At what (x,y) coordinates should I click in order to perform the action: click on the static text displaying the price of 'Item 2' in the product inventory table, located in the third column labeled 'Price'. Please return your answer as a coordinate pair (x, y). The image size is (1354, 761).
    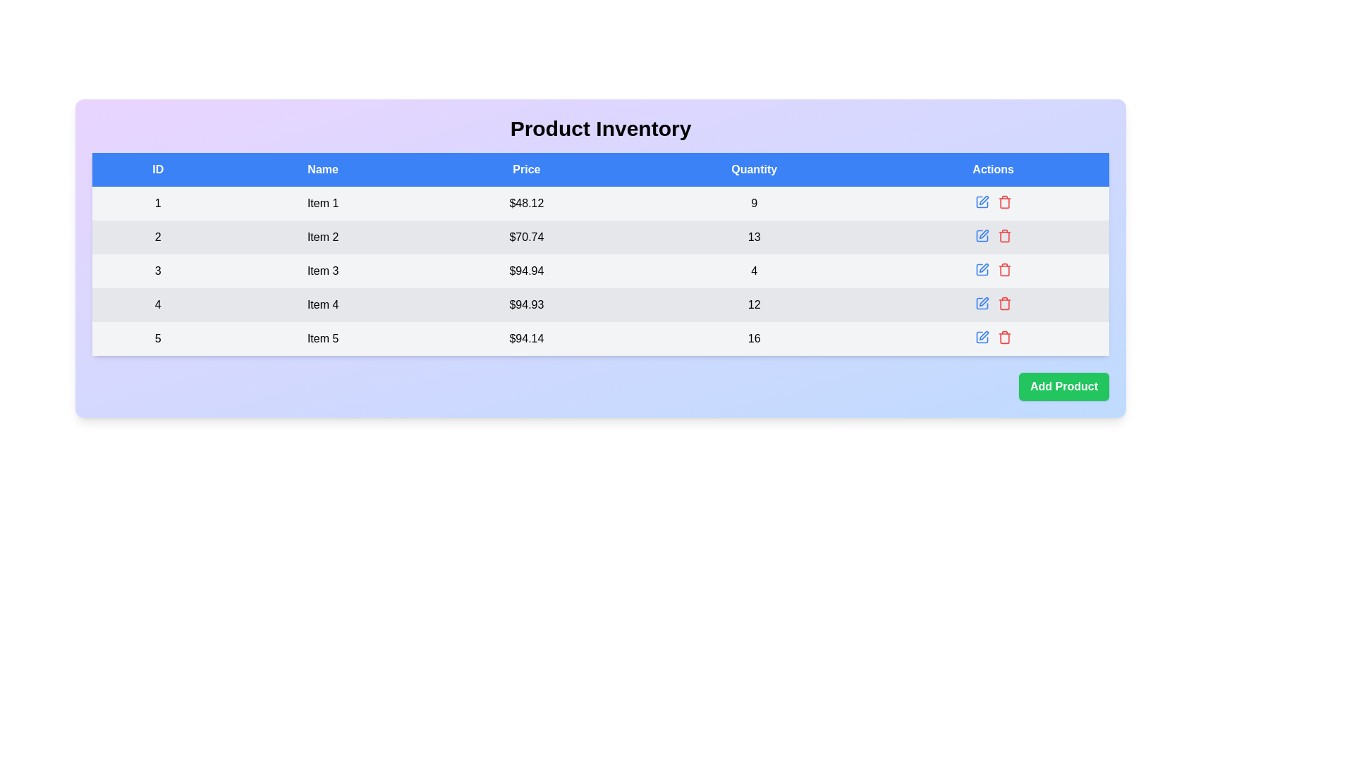
    Looking at the image, I should click on (525, 236).